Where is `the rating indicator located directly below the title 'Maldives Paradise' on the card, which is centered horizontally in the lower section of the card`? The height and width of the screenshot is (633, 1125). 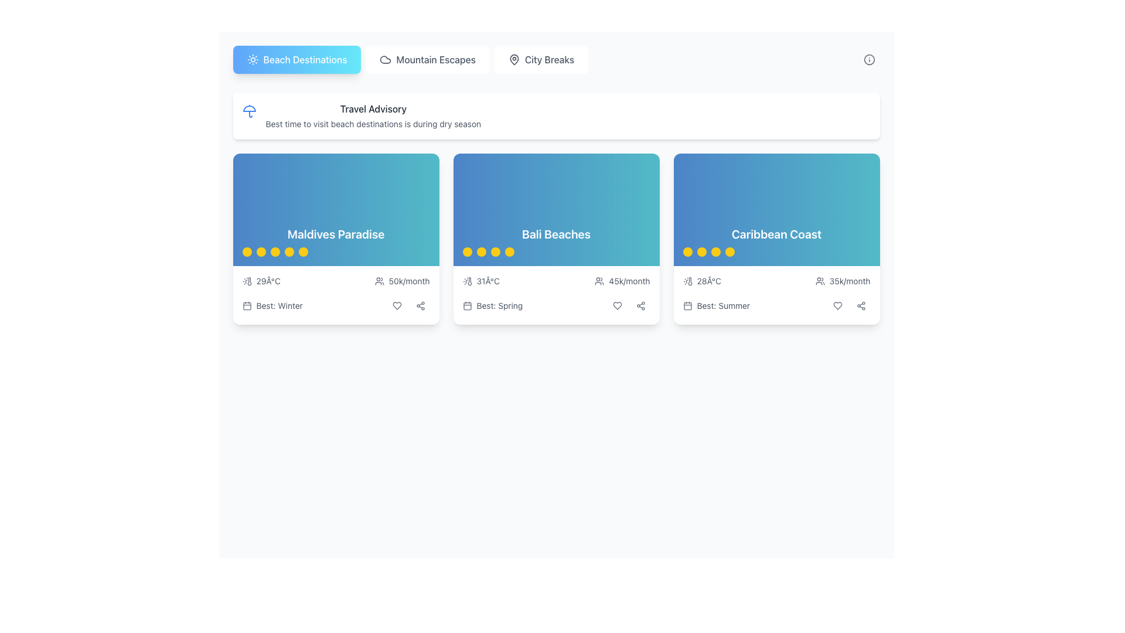
the rating indicator located directly below the title 'Maldives Paradise' on the card, which is centered horizontally in the lower section of the card is located at coordinates (335, 251).